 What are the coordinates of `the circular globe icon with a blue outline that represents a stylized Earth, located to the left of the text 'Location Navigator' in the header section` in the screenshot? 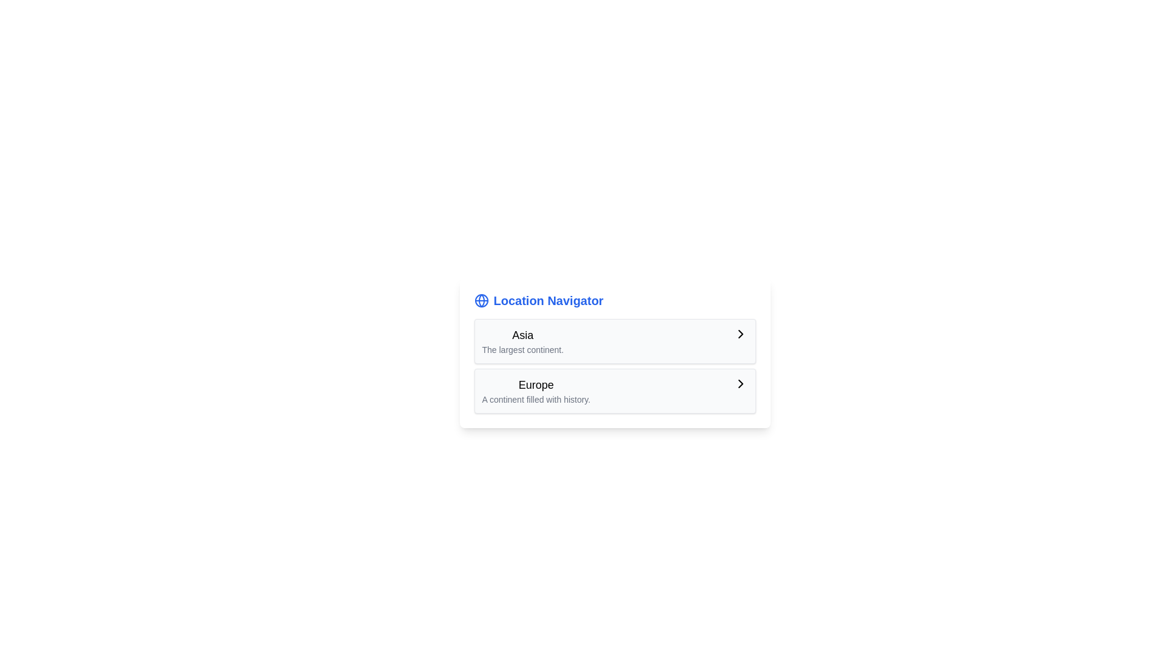 It's located at (481, 300).